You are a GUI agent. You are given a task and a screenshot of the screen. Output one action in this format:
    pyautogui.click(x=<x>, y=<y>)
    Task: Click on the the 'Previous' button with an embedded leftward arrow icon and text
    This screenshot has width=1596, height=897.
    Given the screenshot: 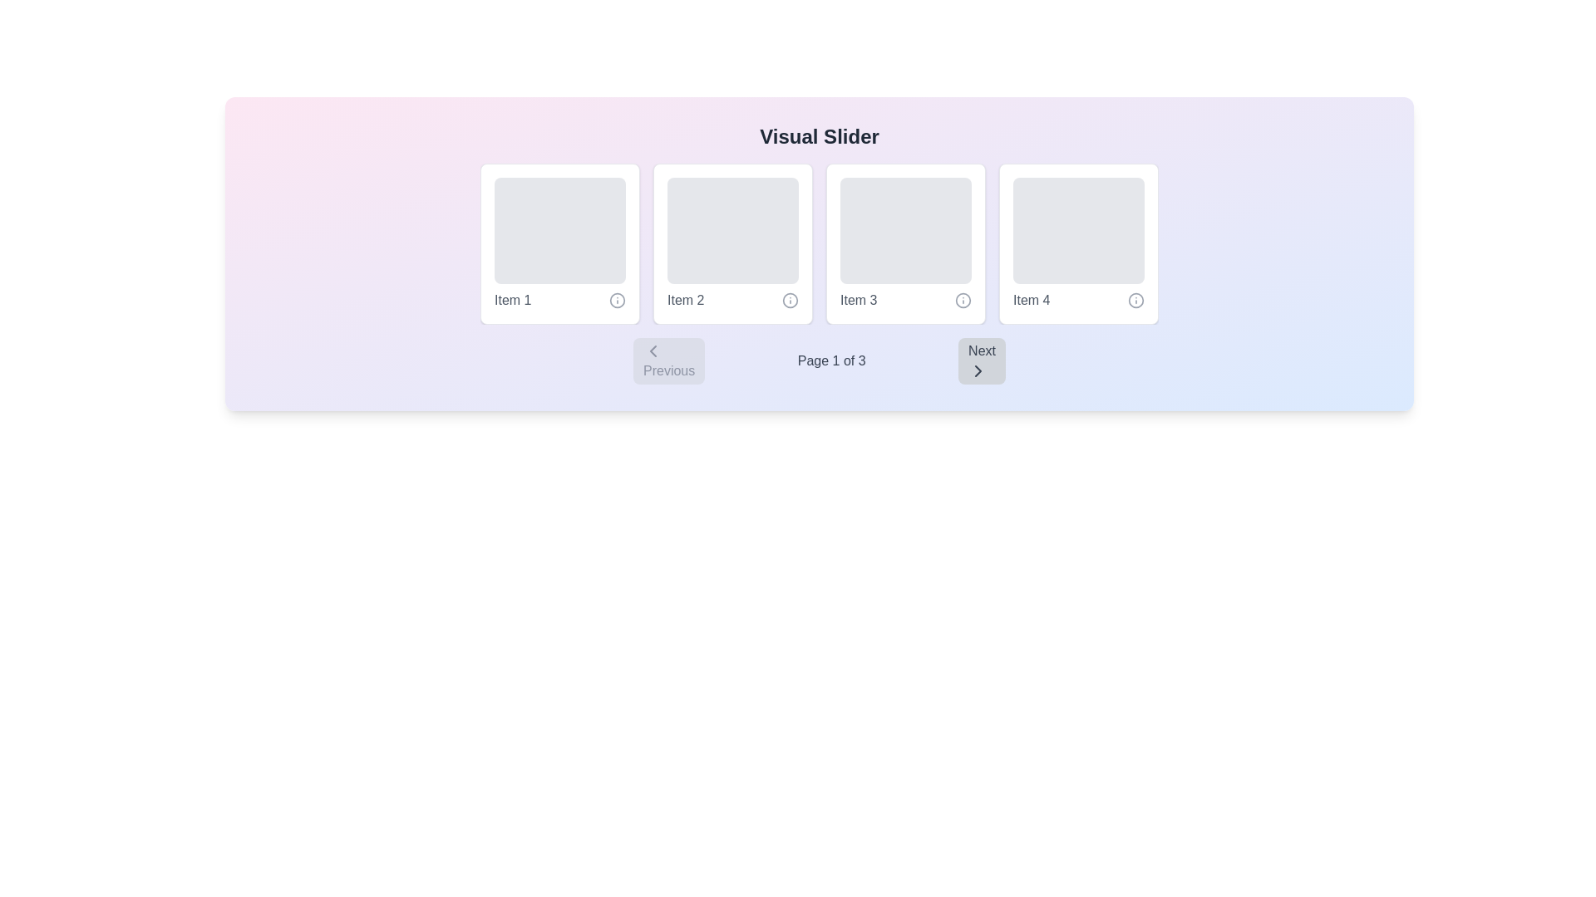 What is the action you would take?
    pyautogui.click(x=669, y=360)
    